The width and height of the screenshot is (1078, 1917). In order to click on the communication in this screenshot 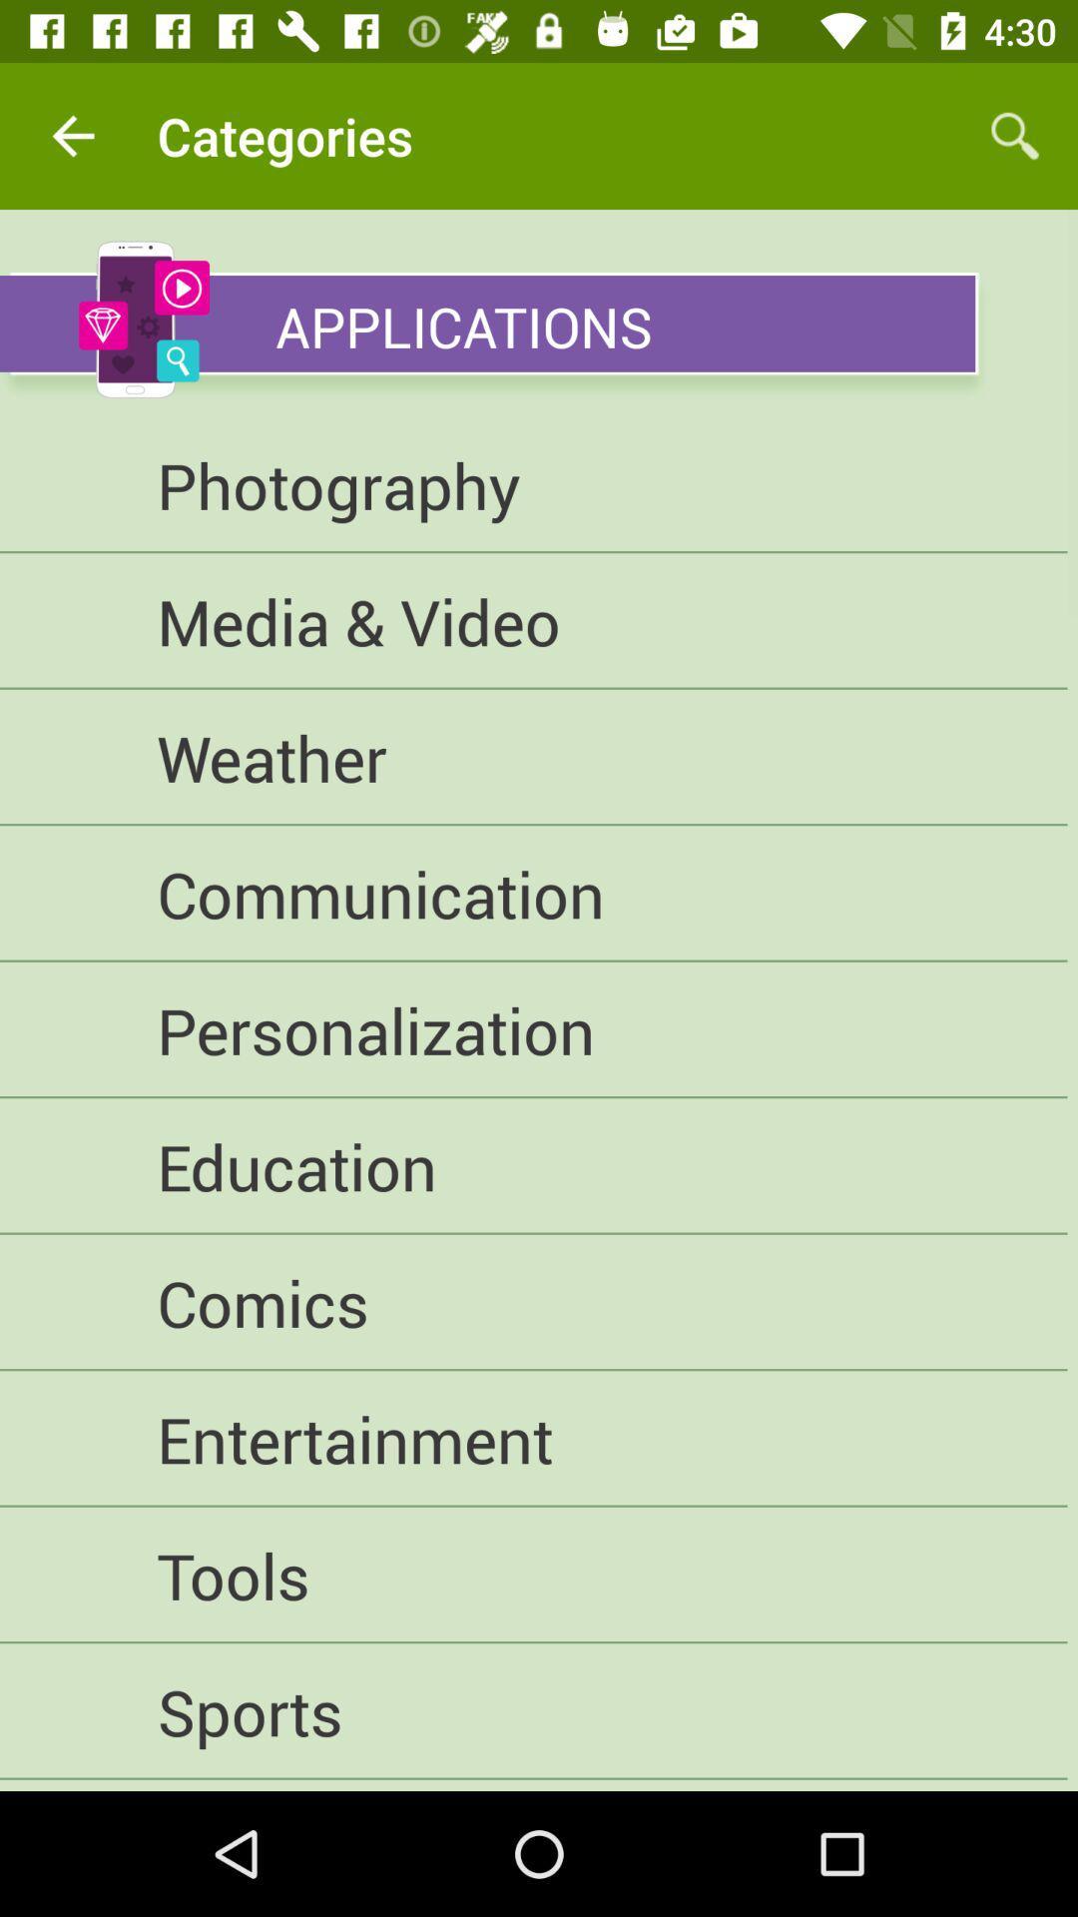, I will do `click(532, 893)`.